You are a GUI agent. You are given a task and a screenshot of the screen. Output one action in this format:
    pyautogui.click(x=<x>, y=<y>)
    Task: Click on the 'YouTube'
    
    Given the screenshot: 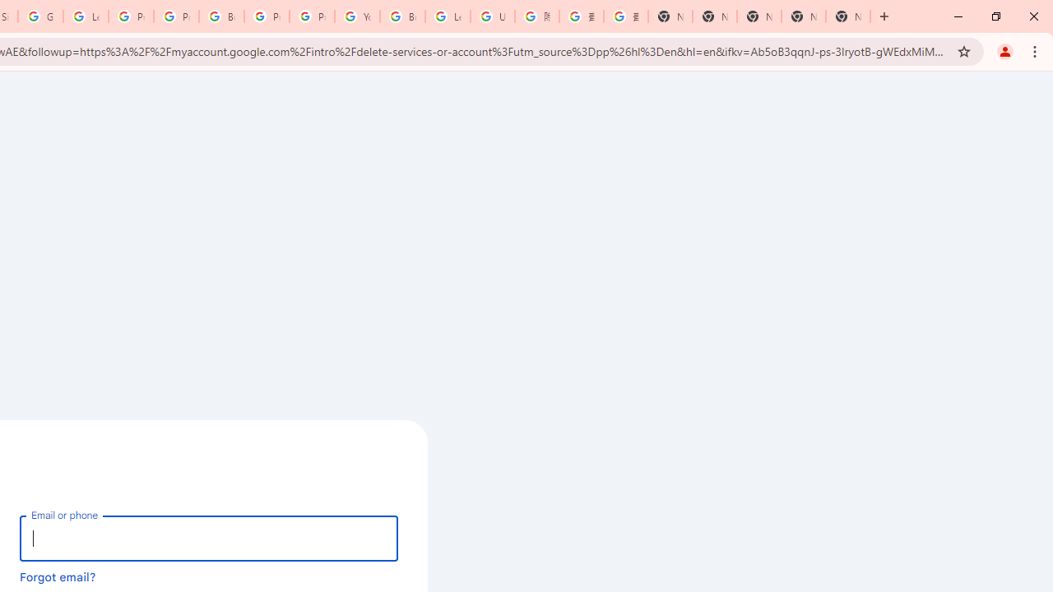 What is the action you would take?
    pyautogui.click(x=356, y=16)
    